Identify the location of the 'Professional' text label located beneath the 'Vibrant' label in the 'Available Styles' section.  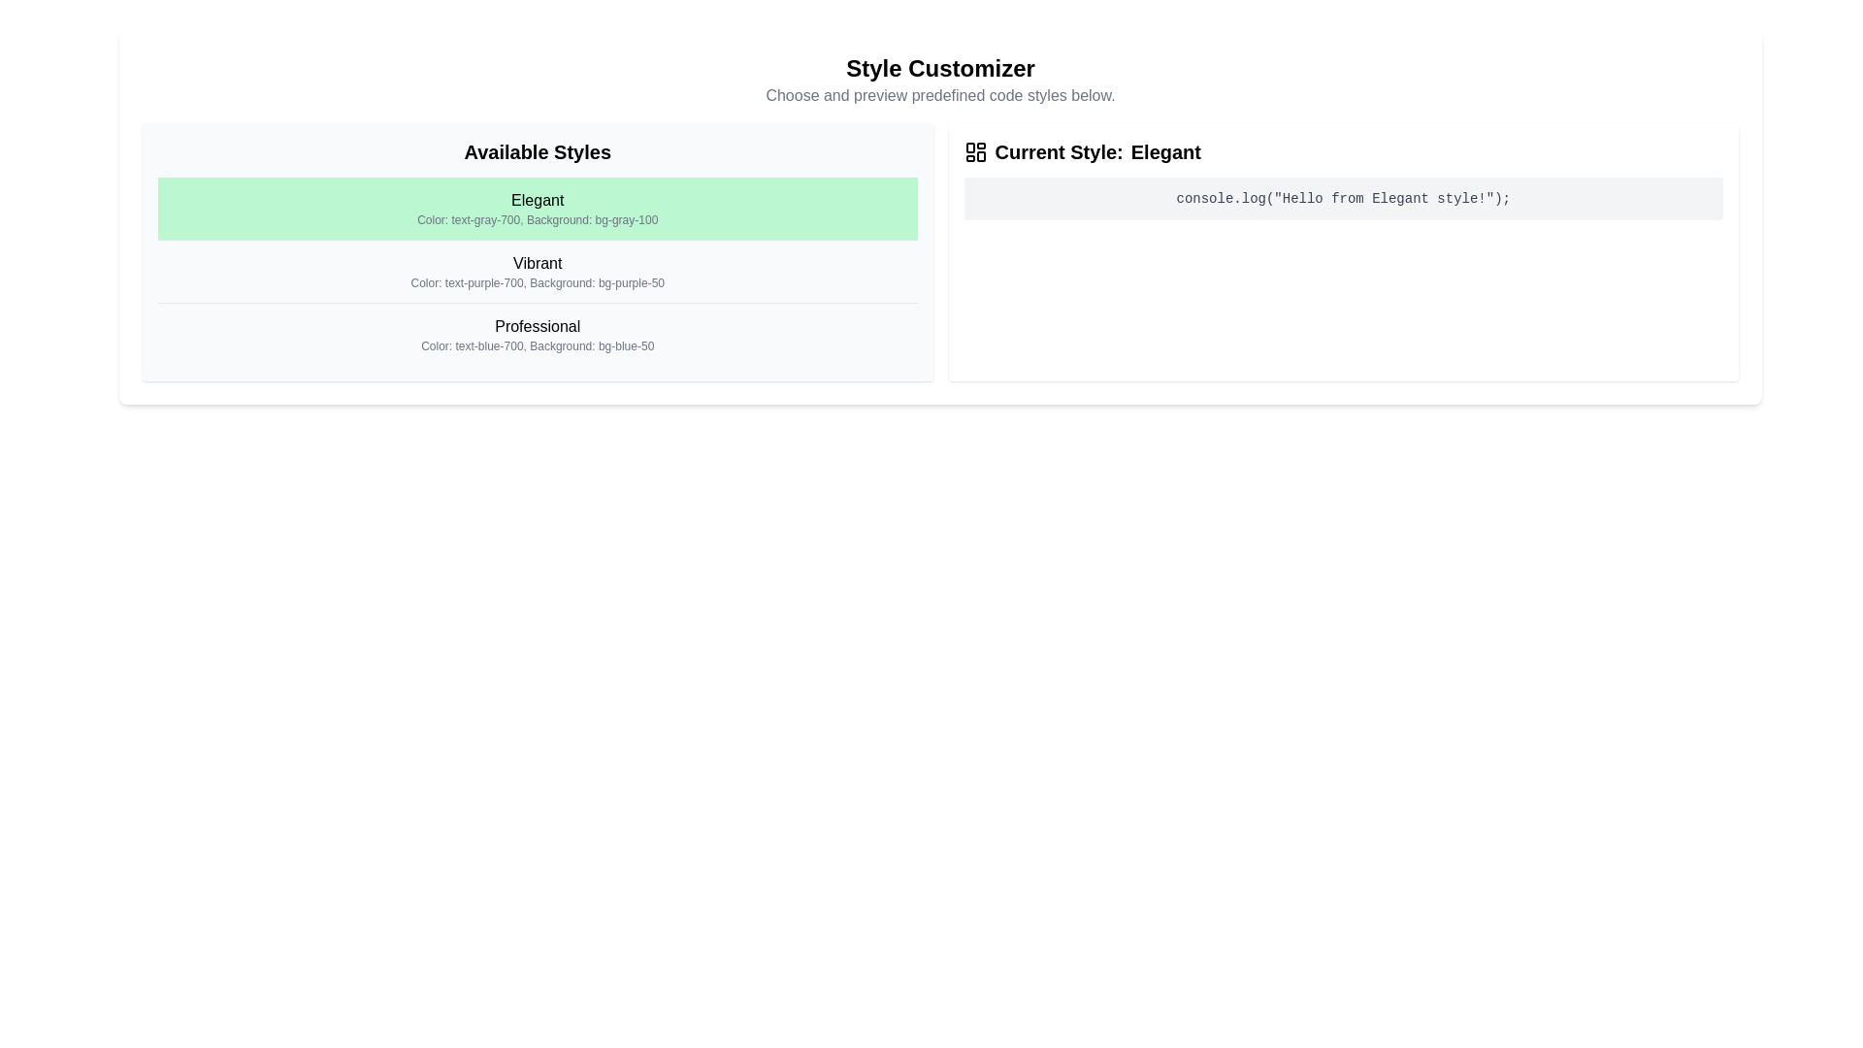
(538, 325).